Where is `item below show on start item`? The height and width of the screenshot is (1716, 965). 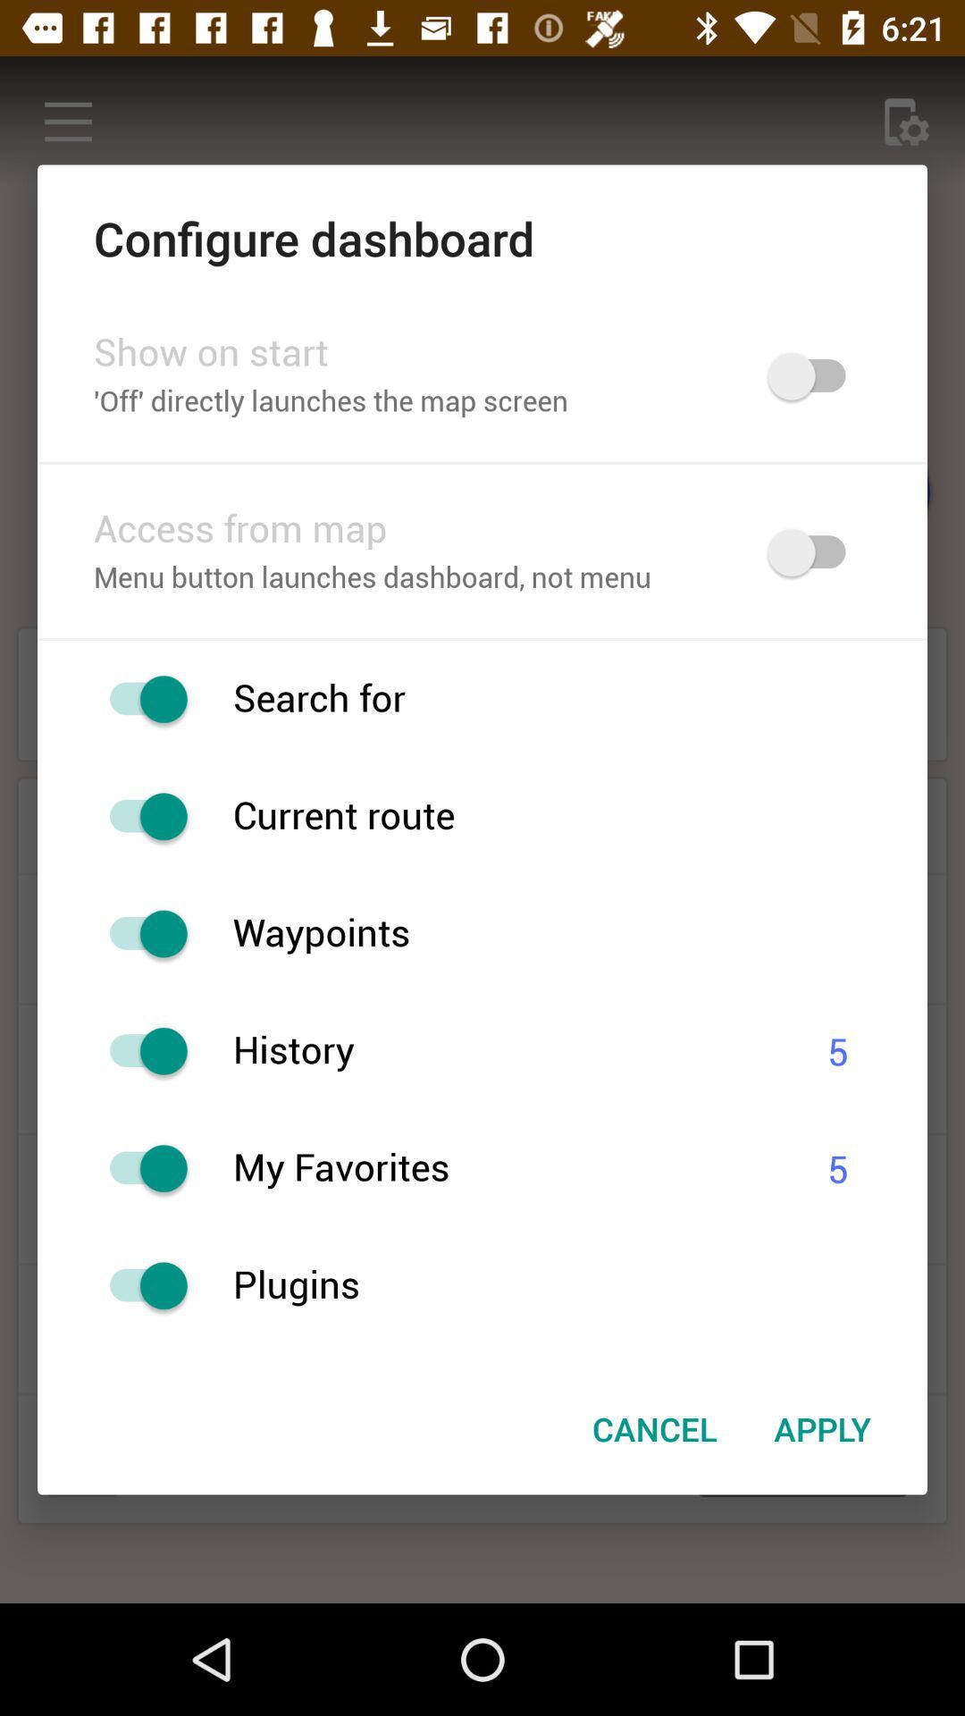
item below show on start item is located at coordinates (407, 401).